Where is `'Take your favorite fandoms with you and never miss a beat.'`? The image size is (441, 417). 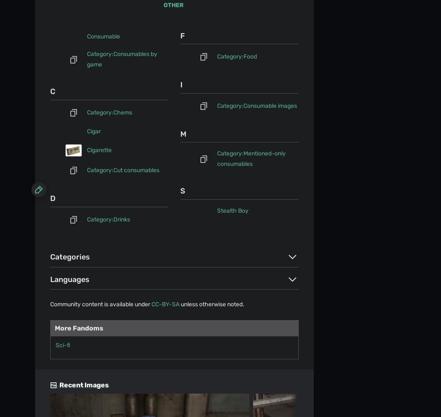
'Take your favorite fandoms with you and never miss a beat.' is located at coordinates (113, 230).